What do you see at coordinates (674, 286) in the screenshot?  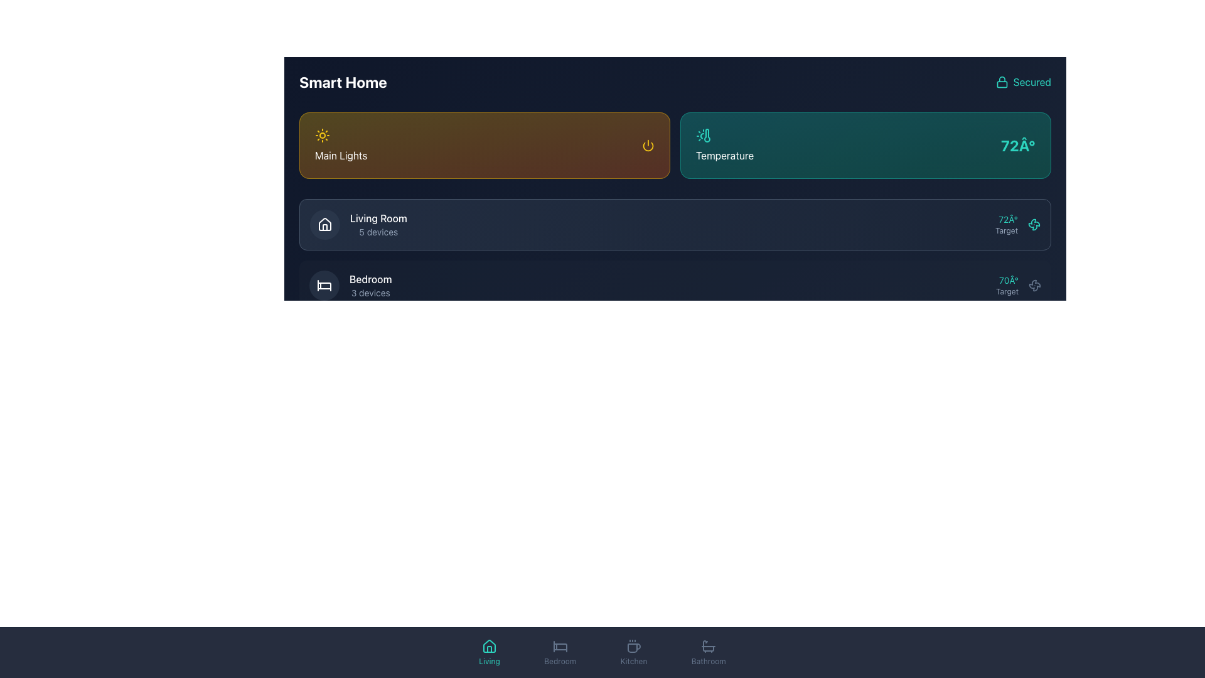 I see `the dark blue card labeled 'Bedroom', which displays '3 devices' and '70°'` at bounding box center [674, 286].